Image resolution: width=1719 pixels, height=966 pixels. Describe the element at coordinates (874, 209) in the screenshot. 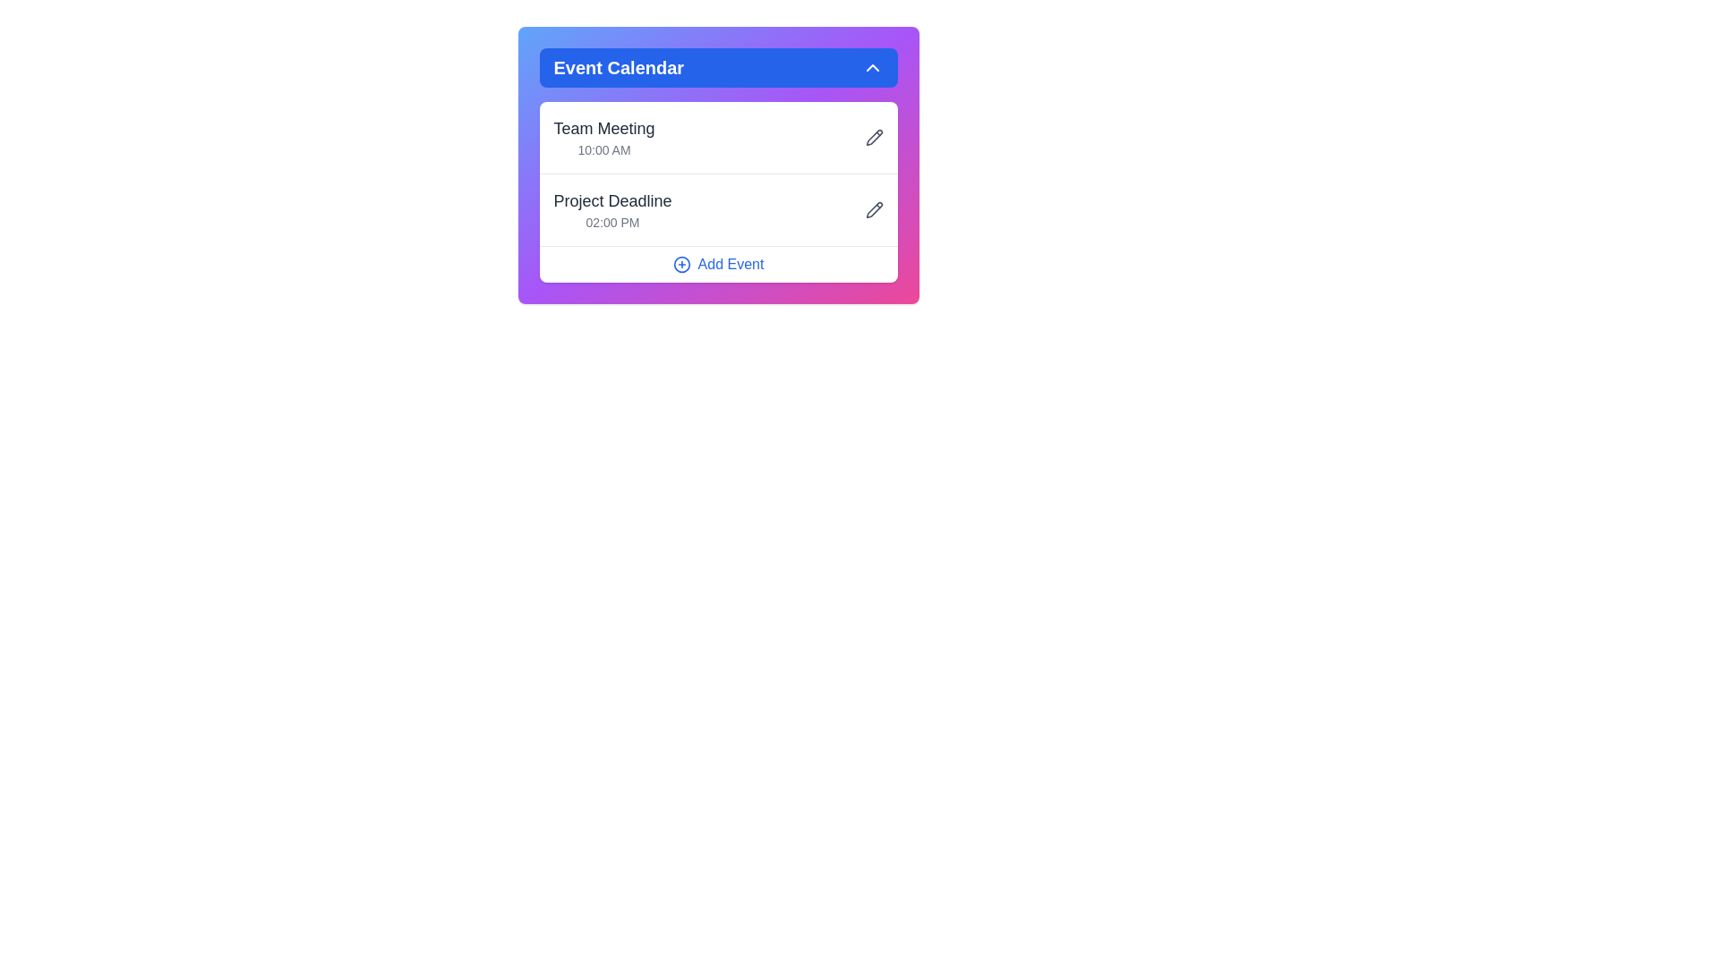

I see `the pencil icon corresponding to the event titled Project Deadline` at that location.